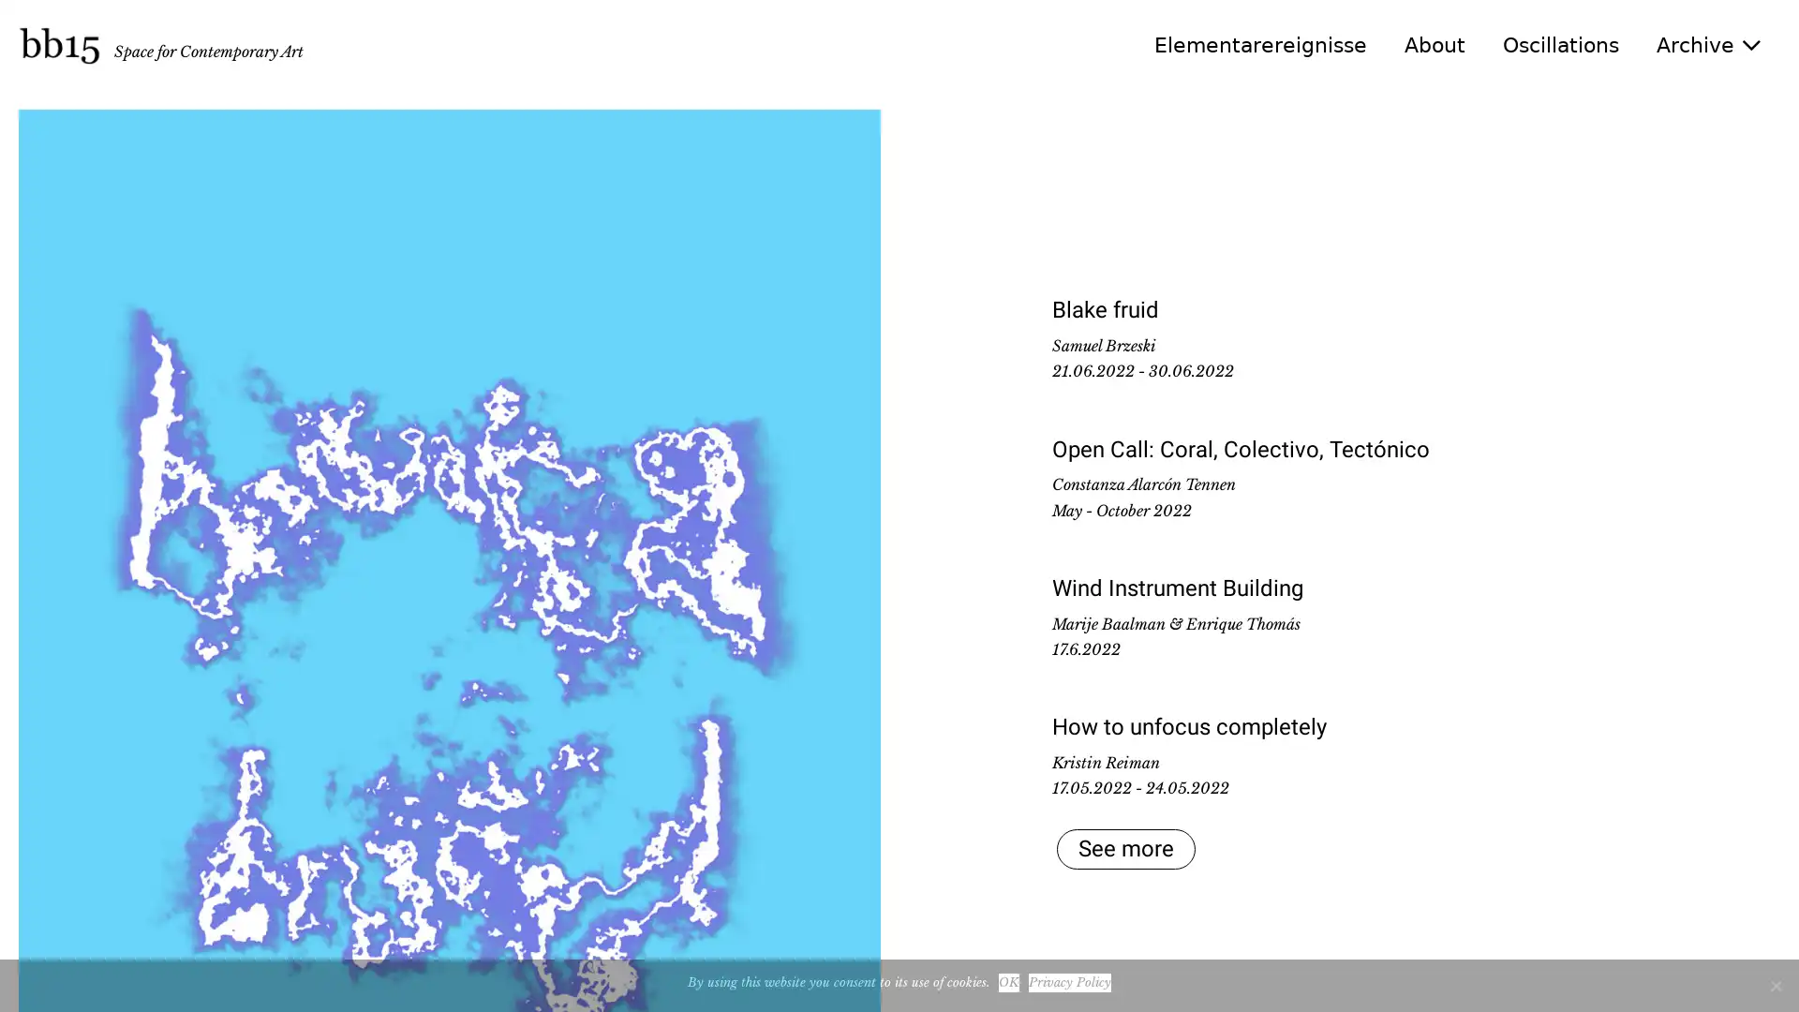 The image size is (1799, 1012). I want to click on See more, so click(1120, 849).